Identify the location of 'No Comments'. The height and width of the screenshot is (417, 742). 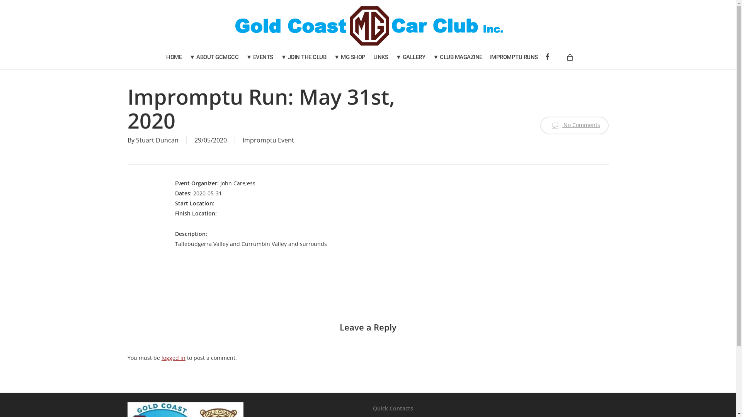
(539, 125).